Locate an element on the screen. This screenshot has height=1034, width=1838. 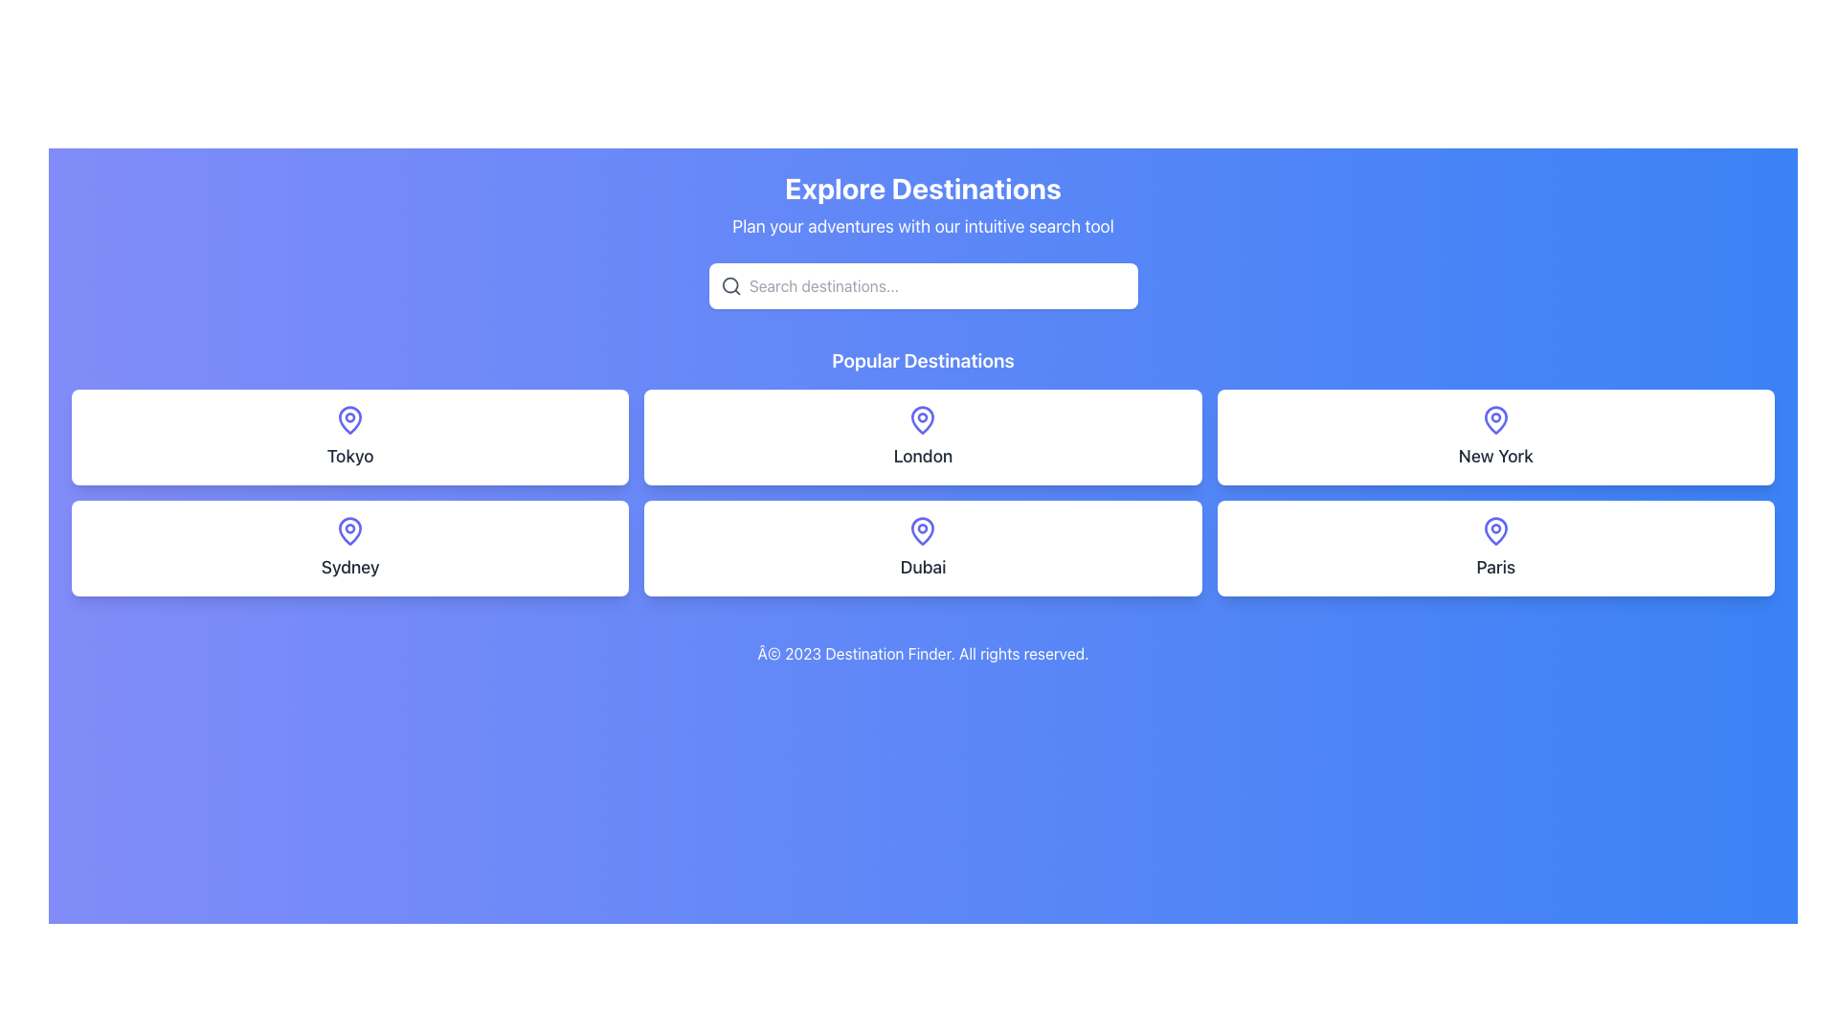
the map pin icon that is purple-indigo in color, located above the text 'Tokyo' in the first card of the 'Popular Destinations' section is located at coordinates (350, 419).